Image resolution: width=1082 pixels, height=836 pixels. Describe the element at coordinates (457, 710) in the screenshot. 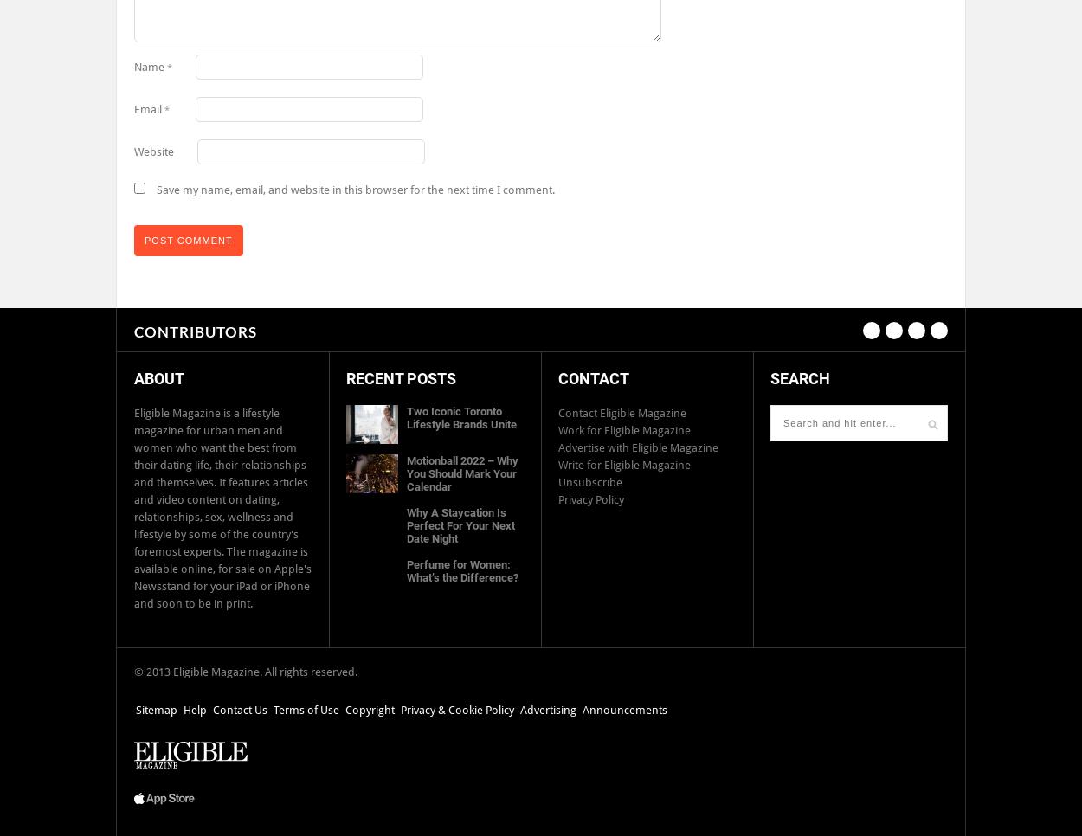

I see `'Privacy & Cookie Policy'` at that location.